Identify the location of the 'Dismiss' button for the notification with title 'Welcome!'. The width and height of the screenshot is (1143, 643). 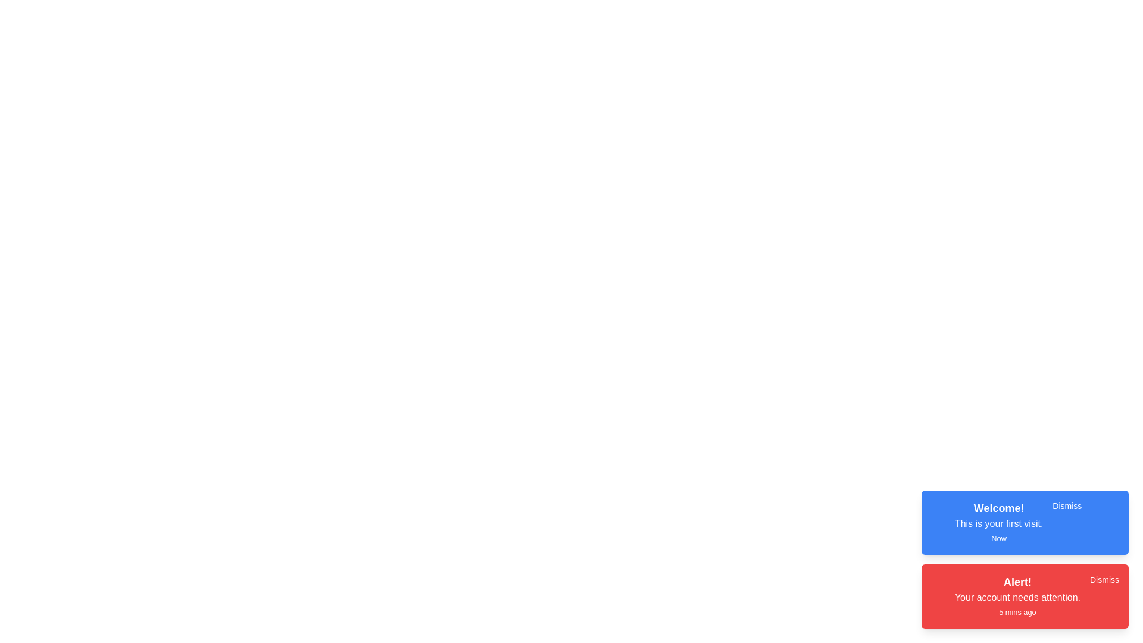
(1067, 505).